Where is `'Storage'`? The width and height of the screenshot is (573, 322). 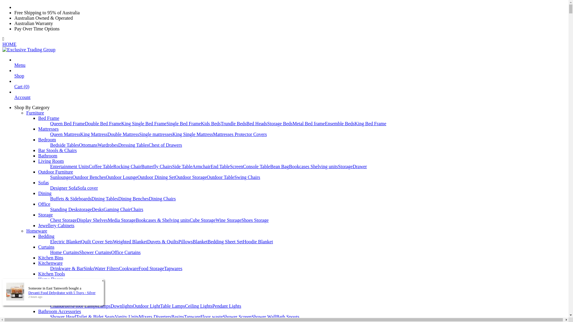 'Storage' is located at coordinates (45, 215).